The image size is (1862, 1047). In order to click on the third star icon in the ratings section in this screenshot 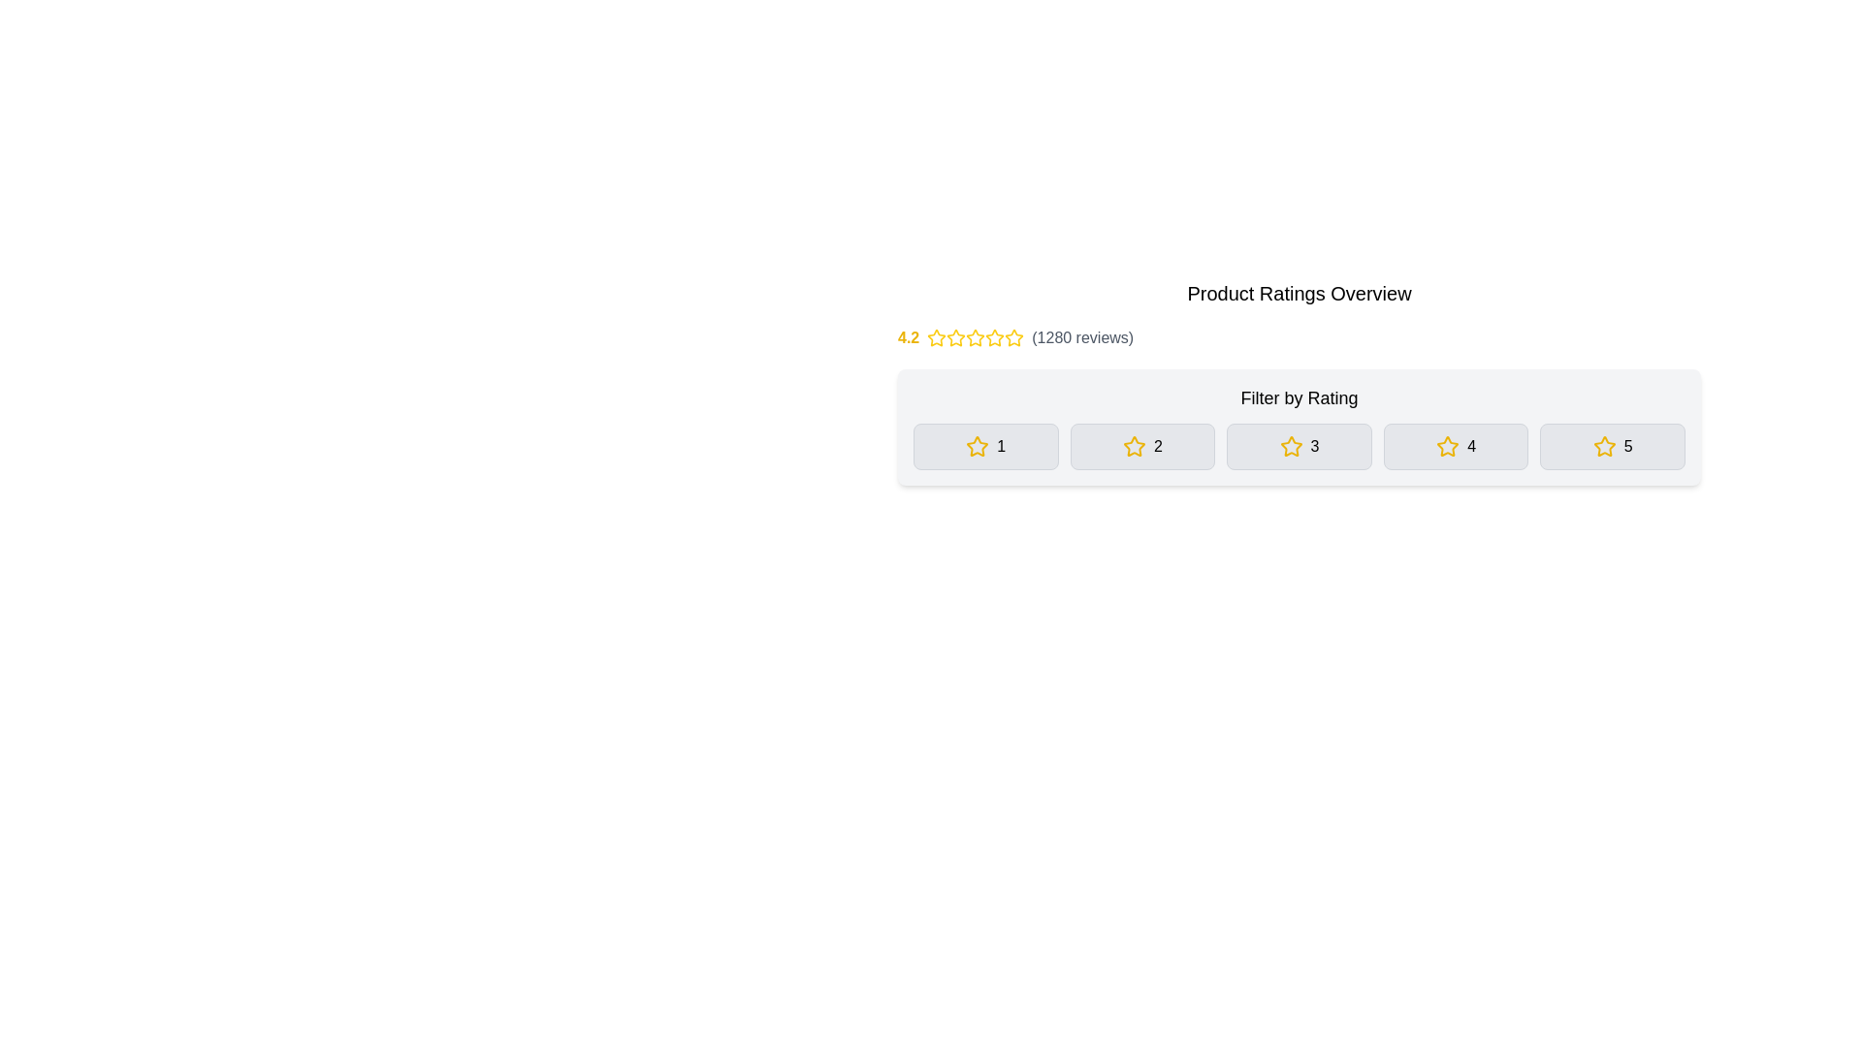, I will do `click(995, 336)`.